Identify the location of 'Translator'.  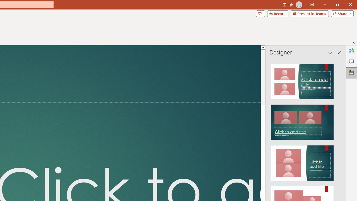
(351, 51).